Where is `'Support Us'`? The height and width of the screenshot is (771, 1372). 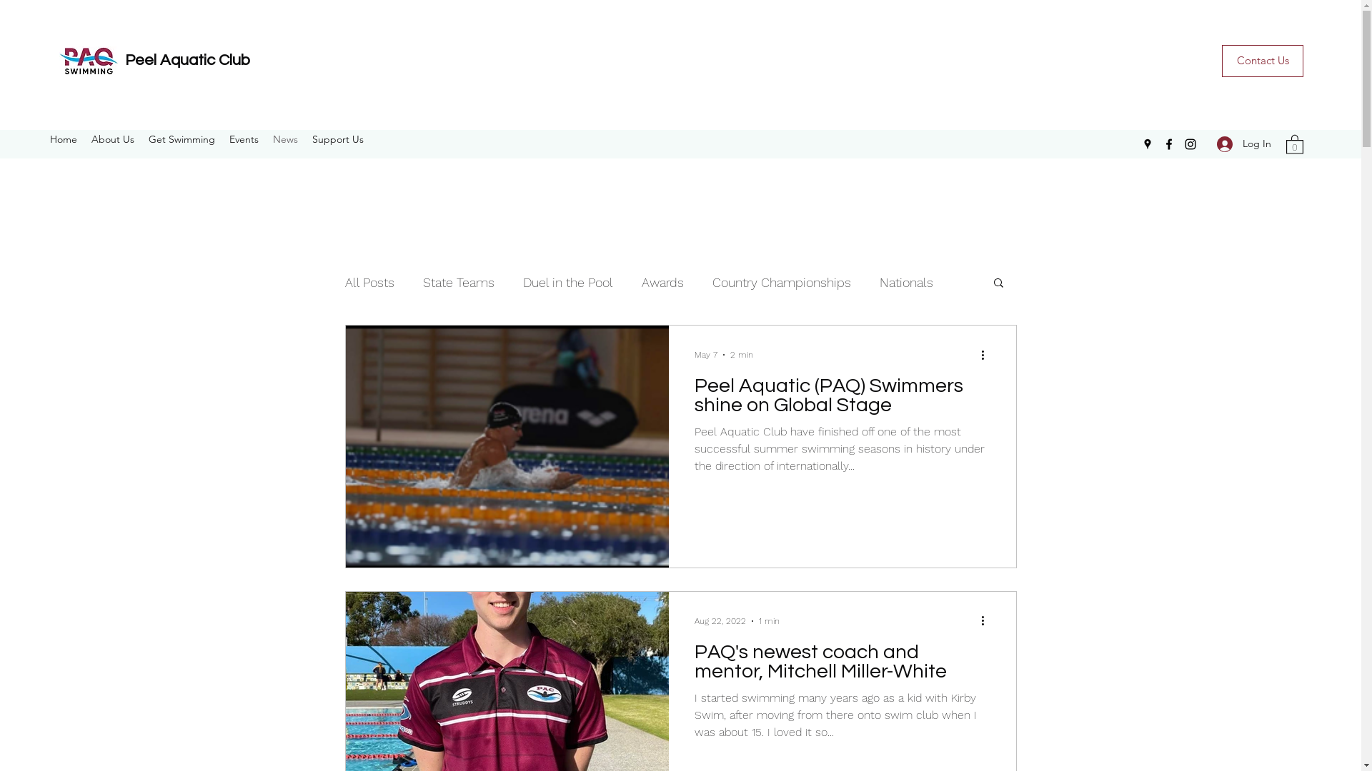
'Support Us' is located at coordinates (337, 139).